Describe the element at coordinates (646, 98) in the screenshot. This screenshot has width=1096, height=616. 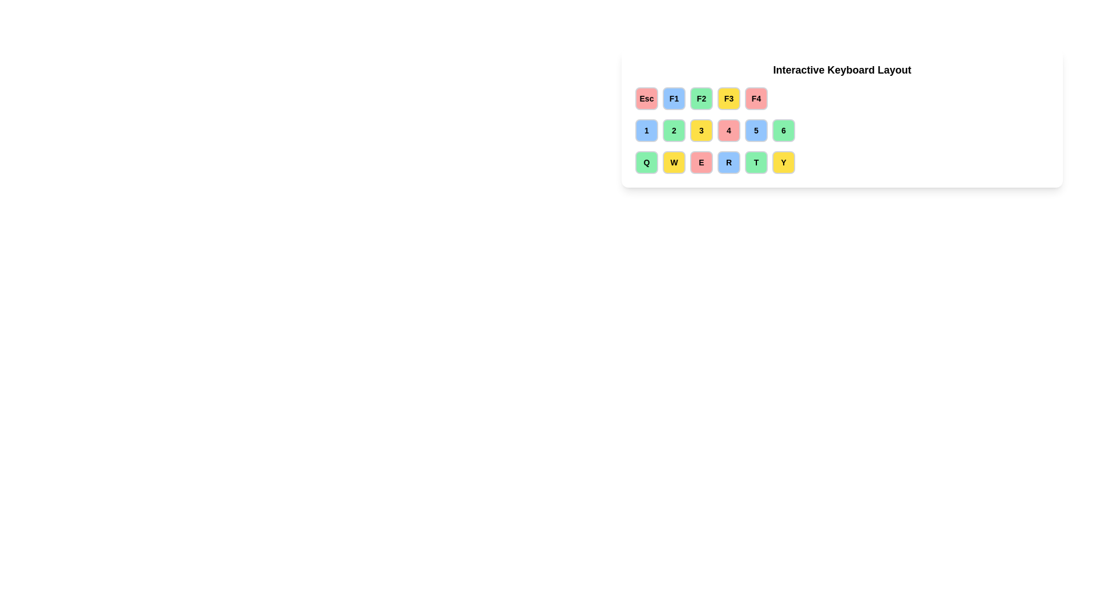
I see `the 'Esc' button, which is a rounded square button with a red background and a gray border, located at the top-left corner of the keyboard layout` at that location.